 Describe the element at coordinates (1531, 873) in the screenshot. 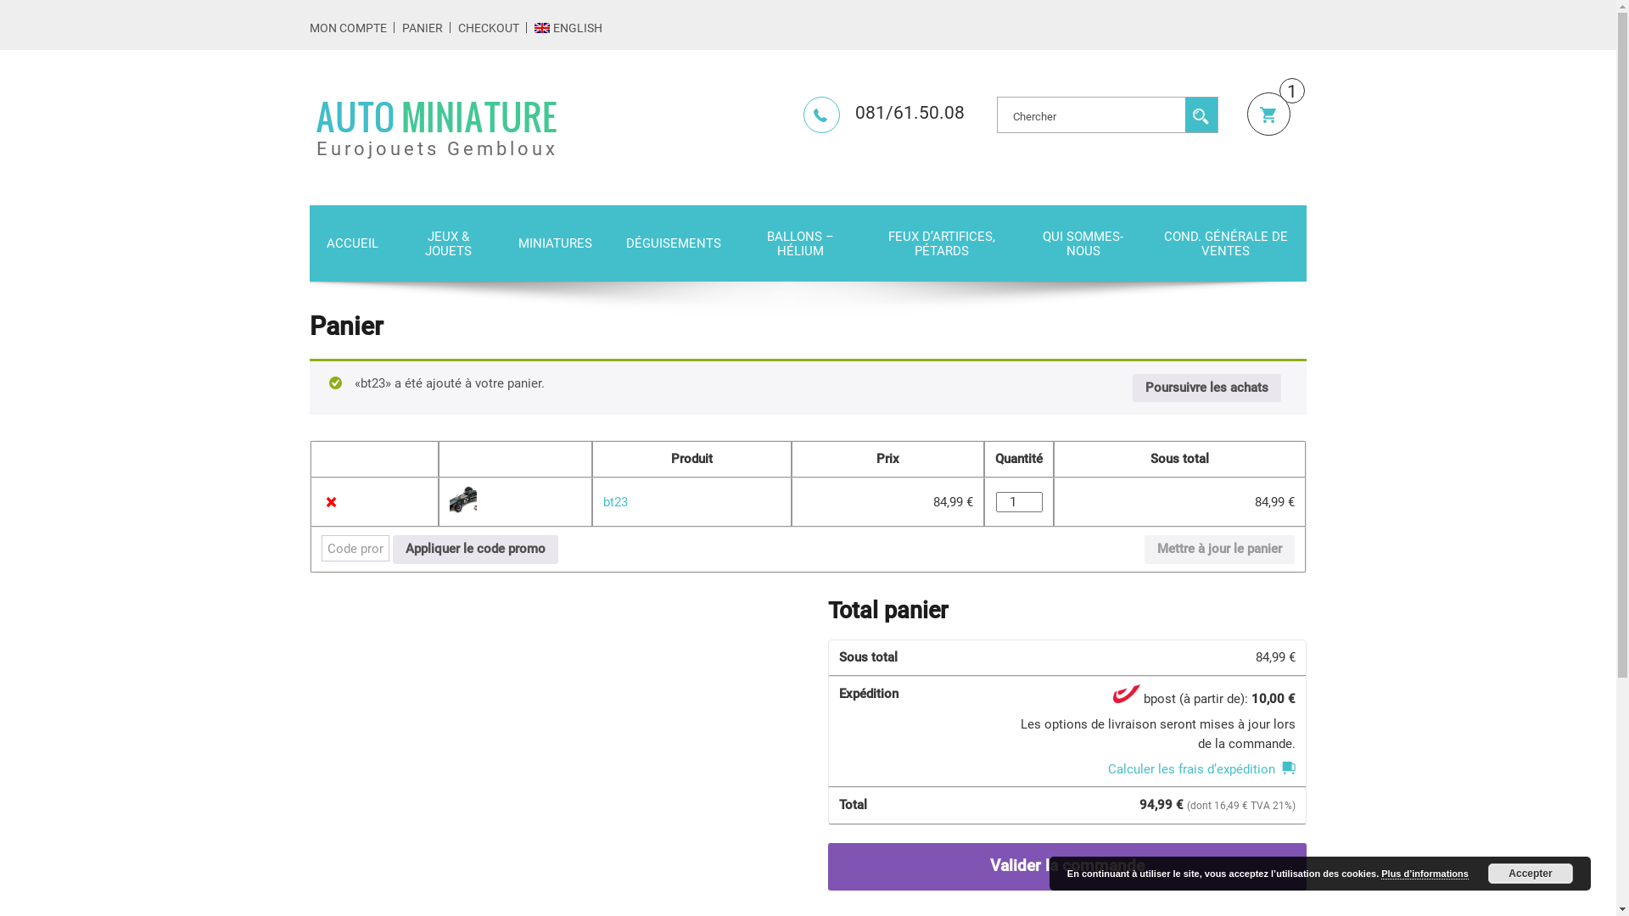

I see `'Accepter'` at that location.